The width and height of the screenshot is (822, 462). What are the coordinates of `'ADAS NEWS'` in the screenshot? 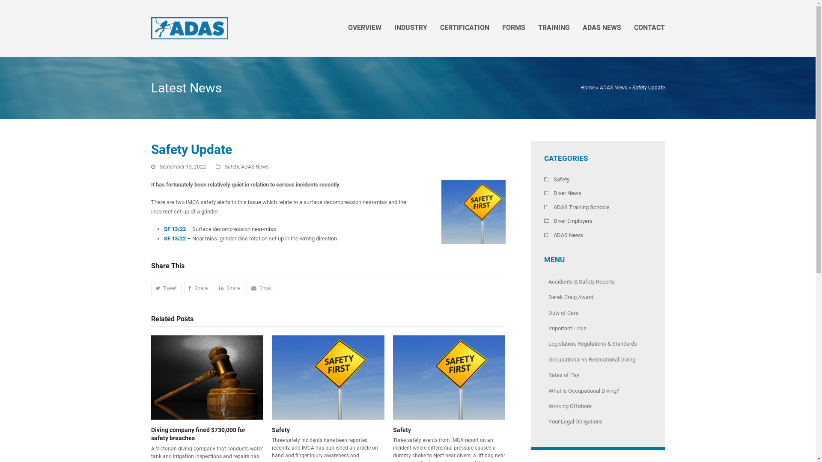 It's located at (602, 27).